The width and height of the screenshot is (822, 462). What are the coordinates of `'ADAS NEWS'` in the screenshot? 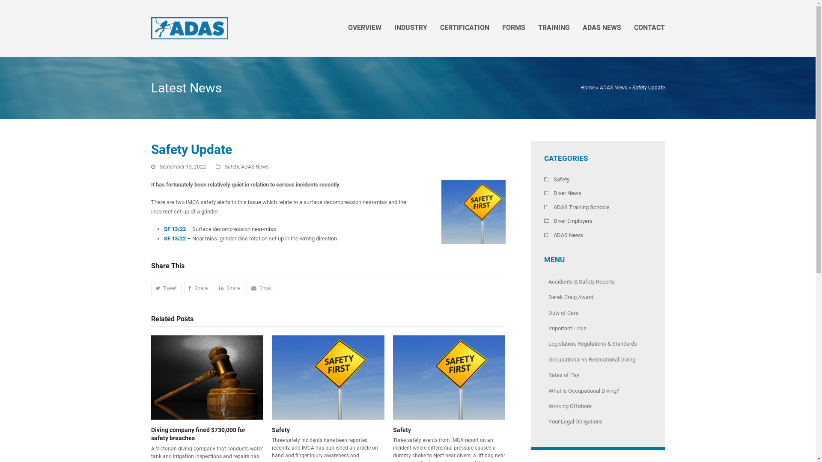 It's located at (602, 27).